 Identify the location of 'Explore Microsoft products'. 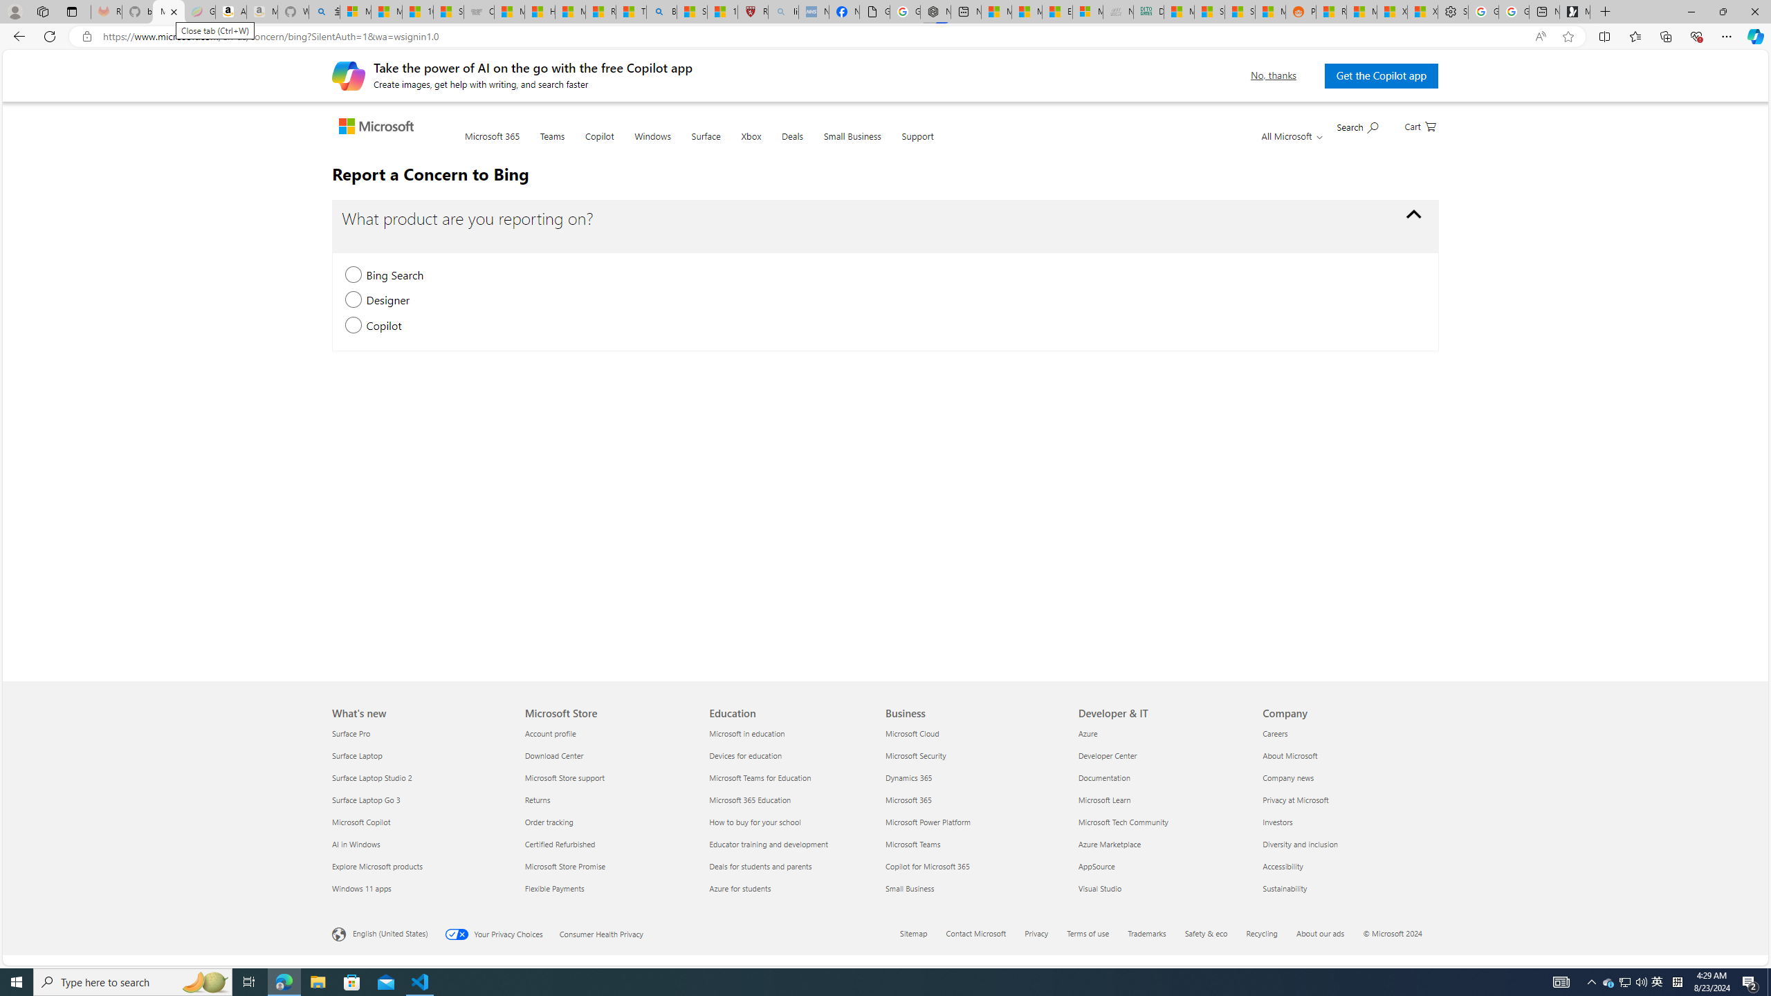
(420, 866).